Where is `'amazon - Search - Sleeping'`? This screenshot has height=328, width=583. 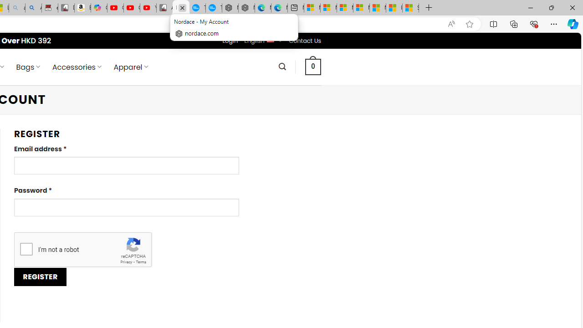
'amazon - Search - Sleeping' is located at coordinates (17, 8).